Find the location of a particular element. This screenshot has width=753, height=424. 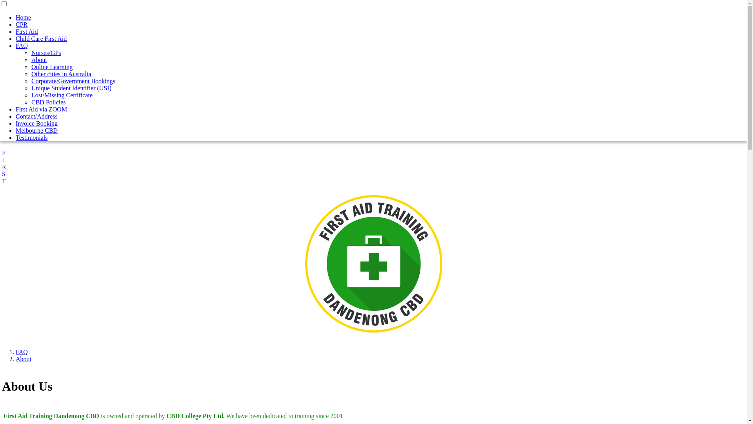

'Home' is located at coordinates (23, 17).